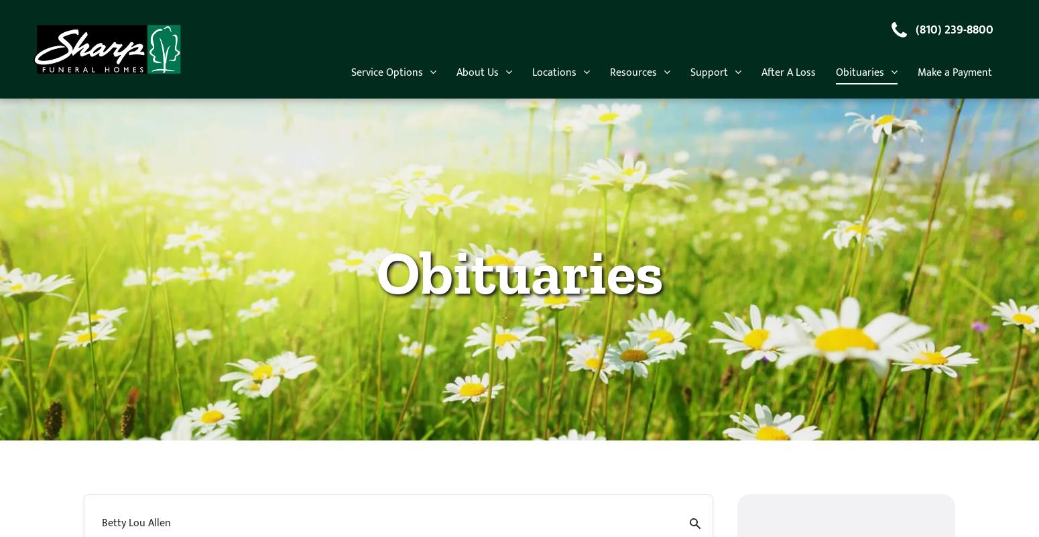 This screenshot has height=537, width=1039. Describe the element at coordinates (665, 348) in the screenshot. I see `'Frequent Questions'` at that location.